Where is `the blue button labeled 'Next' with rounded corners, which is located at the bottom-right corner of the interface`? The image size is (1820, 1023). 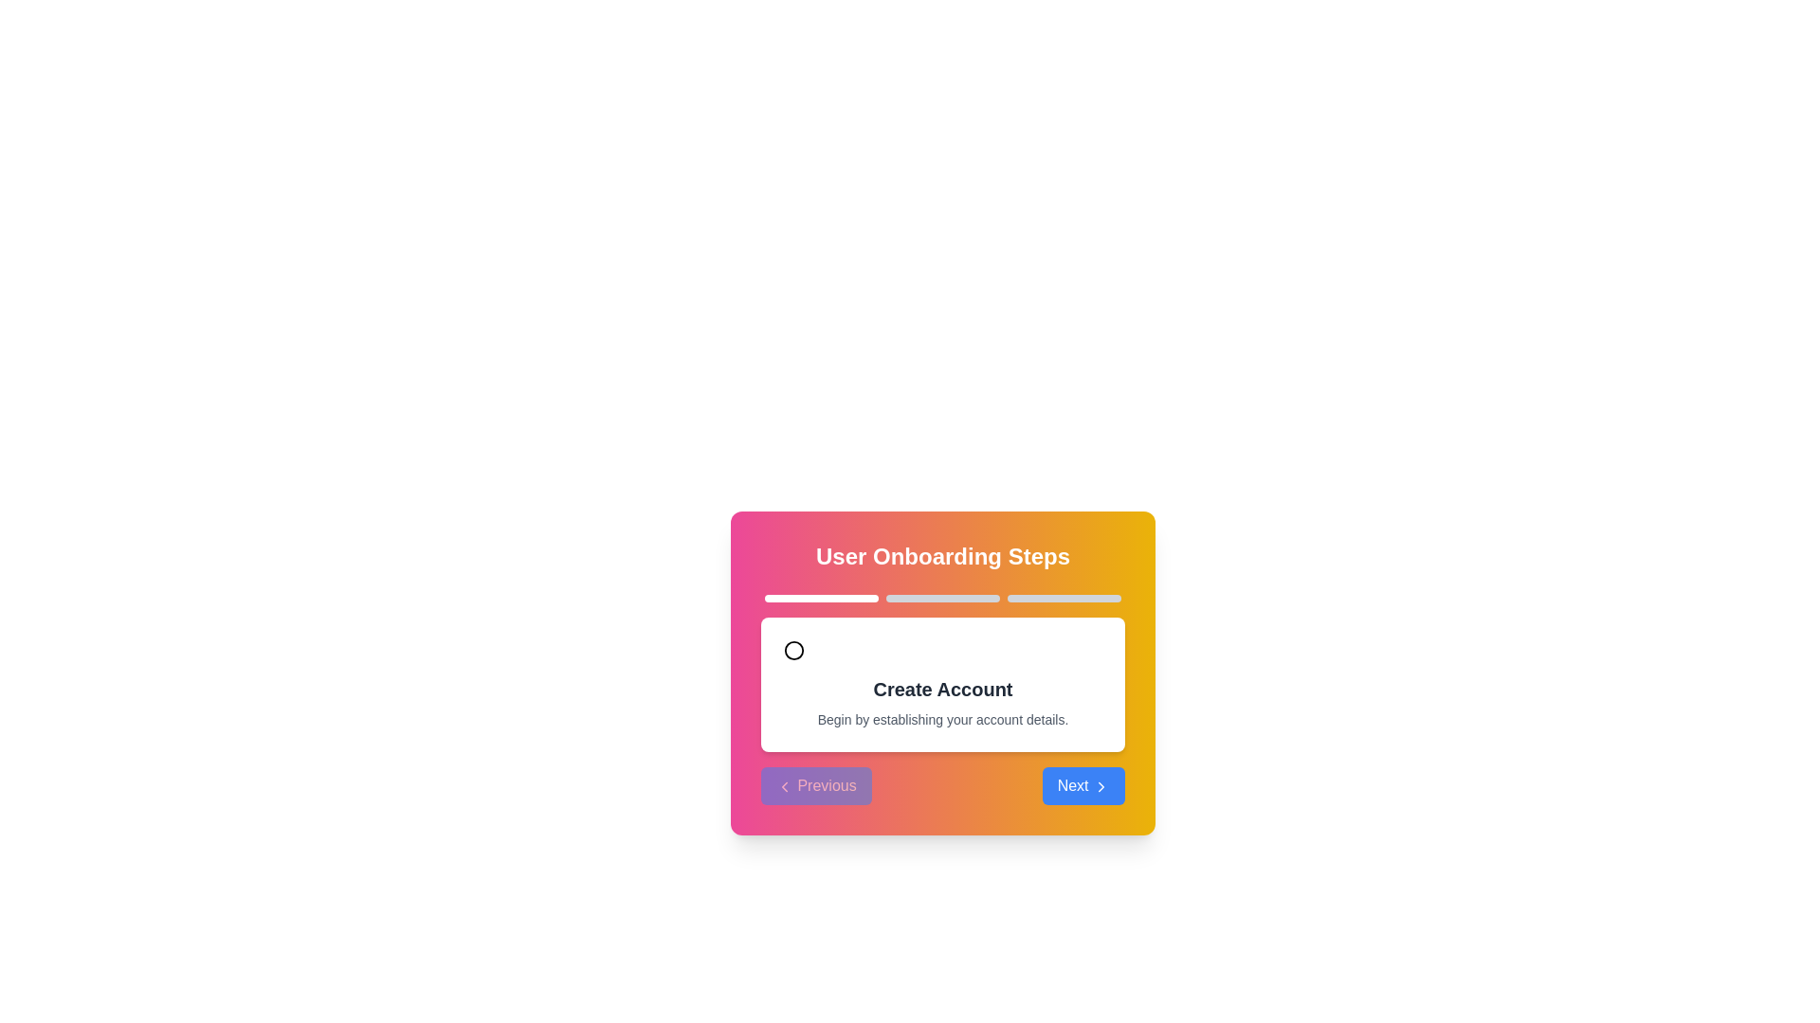 the blue button labeled 'Next' with rounded corners, which is located at the bottom-right corner of the interface is located at coordinates (1083, 785).